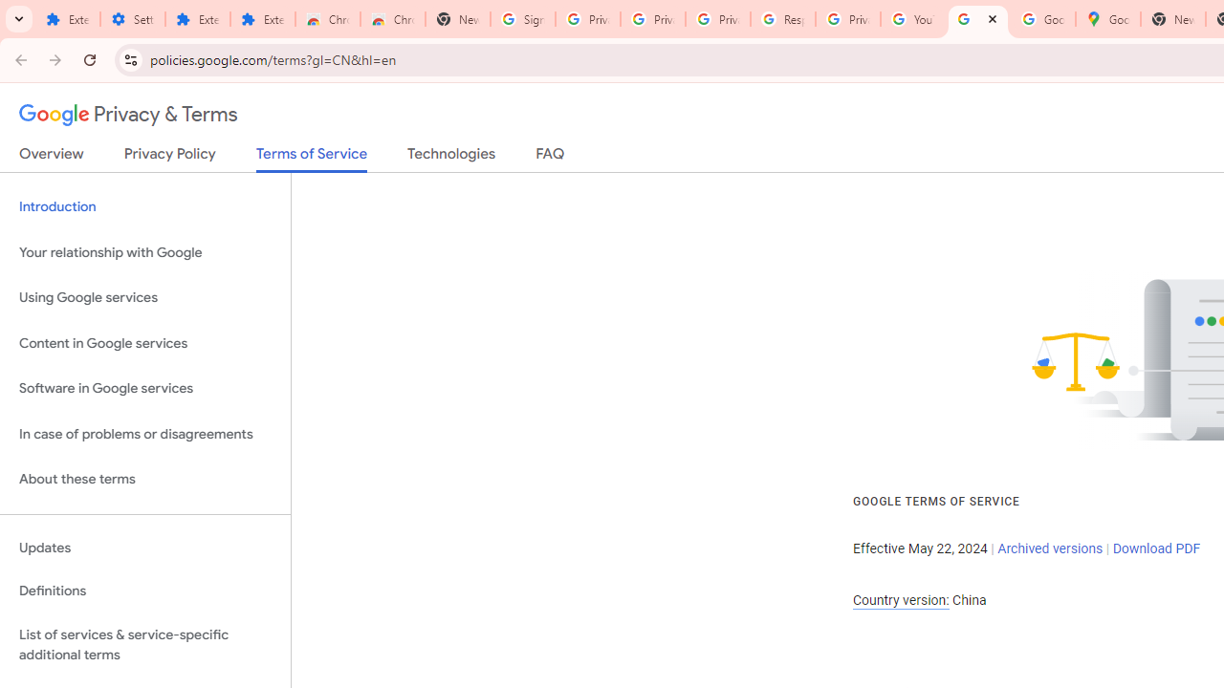  What do you see at coordinates (328, 19) in the screenshot?
I see `'Chrome Web Store'` at bounding box center [328, 19].